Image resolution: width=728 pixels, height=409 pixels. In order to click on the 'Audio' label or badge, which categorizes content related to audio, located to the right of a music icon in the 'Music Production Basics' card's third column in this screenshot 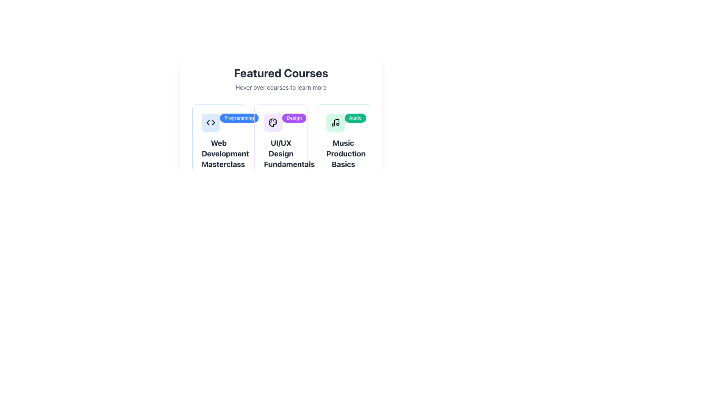, I will do `click(355, 118)`.